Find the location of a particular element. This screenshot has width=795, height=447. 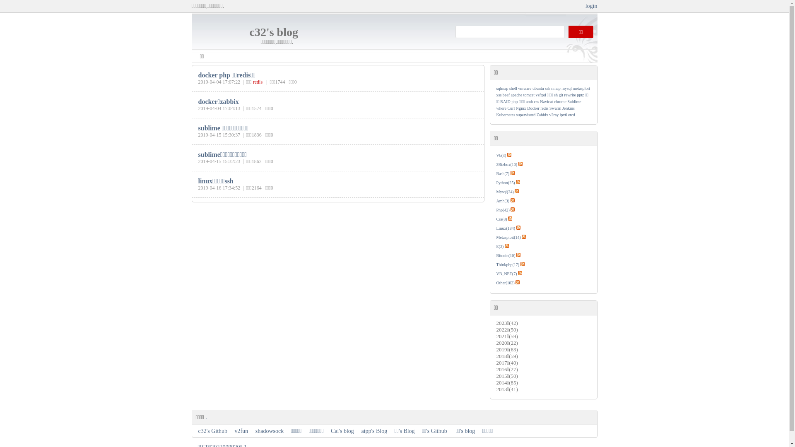

'Jenkins' is located at coordinates (568, 108).